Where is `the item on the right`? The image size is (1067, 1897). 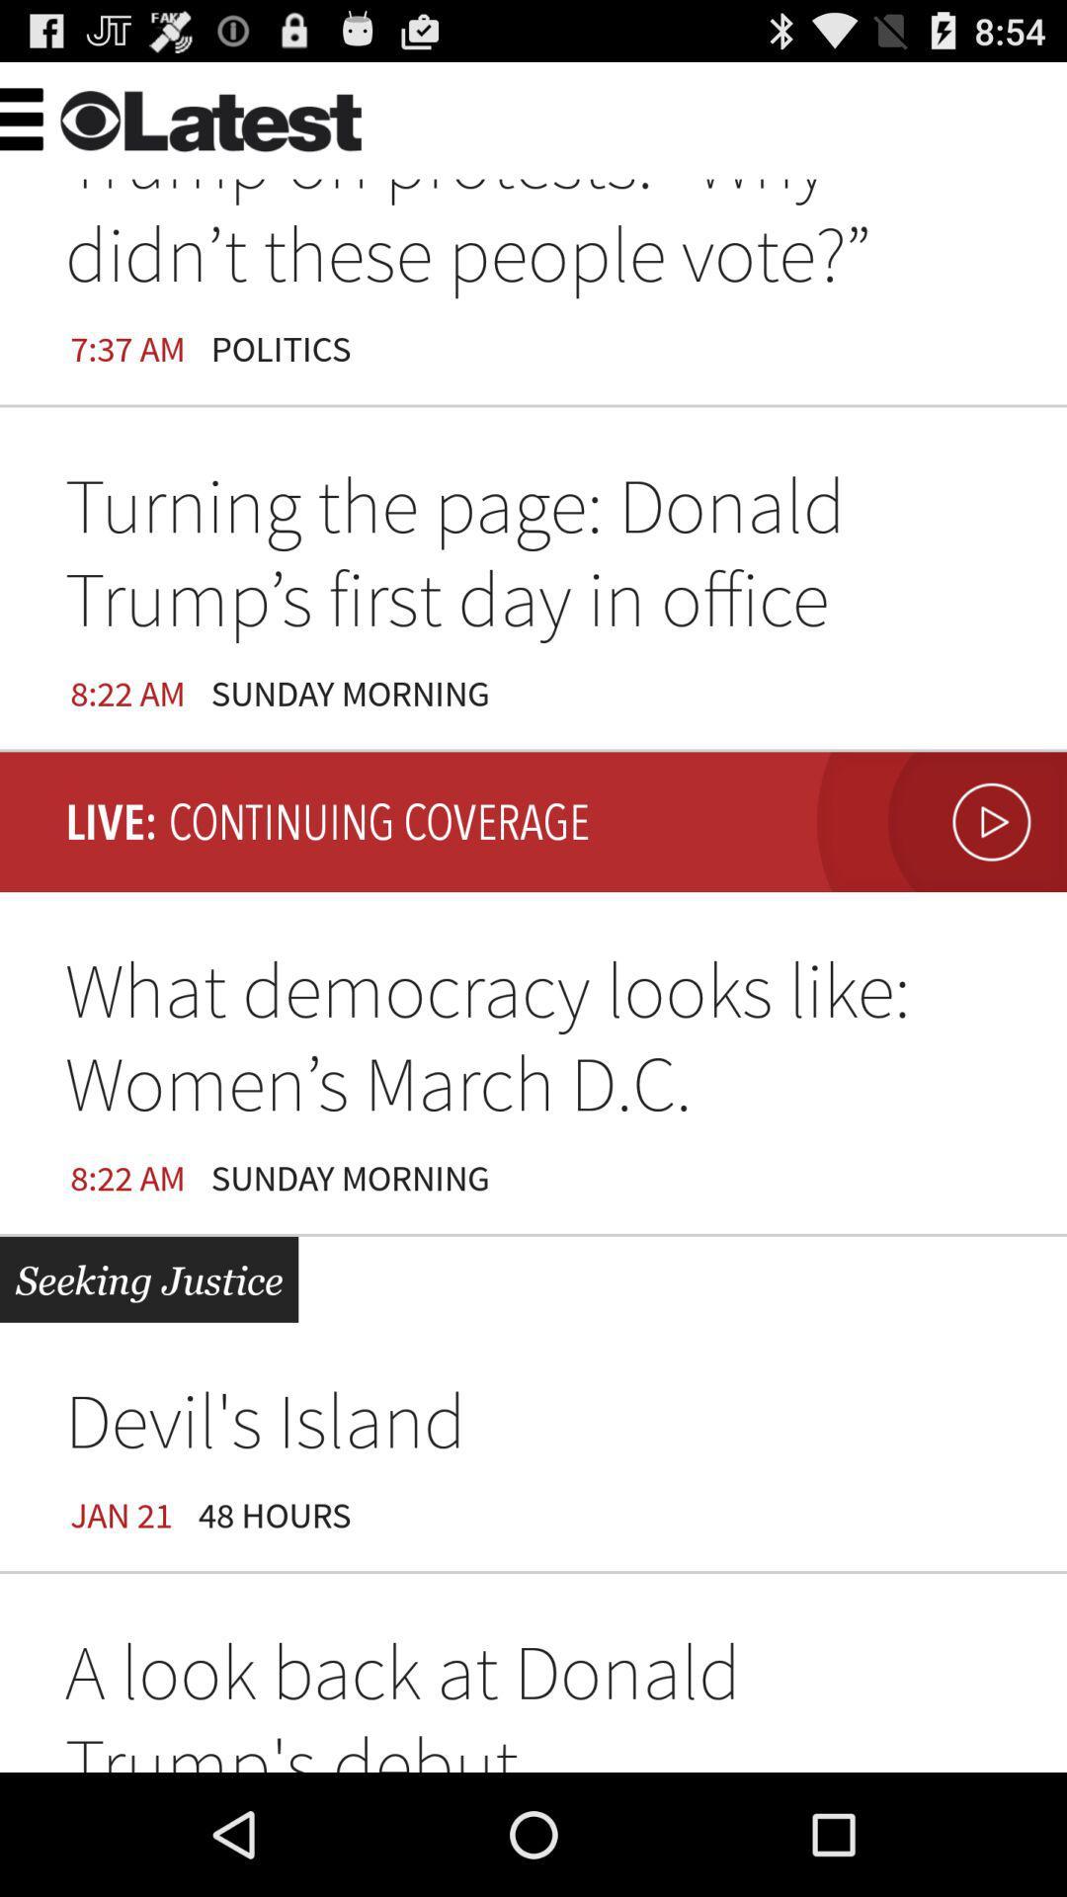
the item on the right is located at coordinates (936, 822).